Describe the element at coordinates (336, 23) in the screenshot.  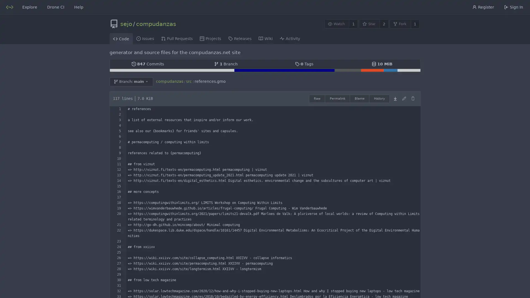
I see `Watch` at that location.